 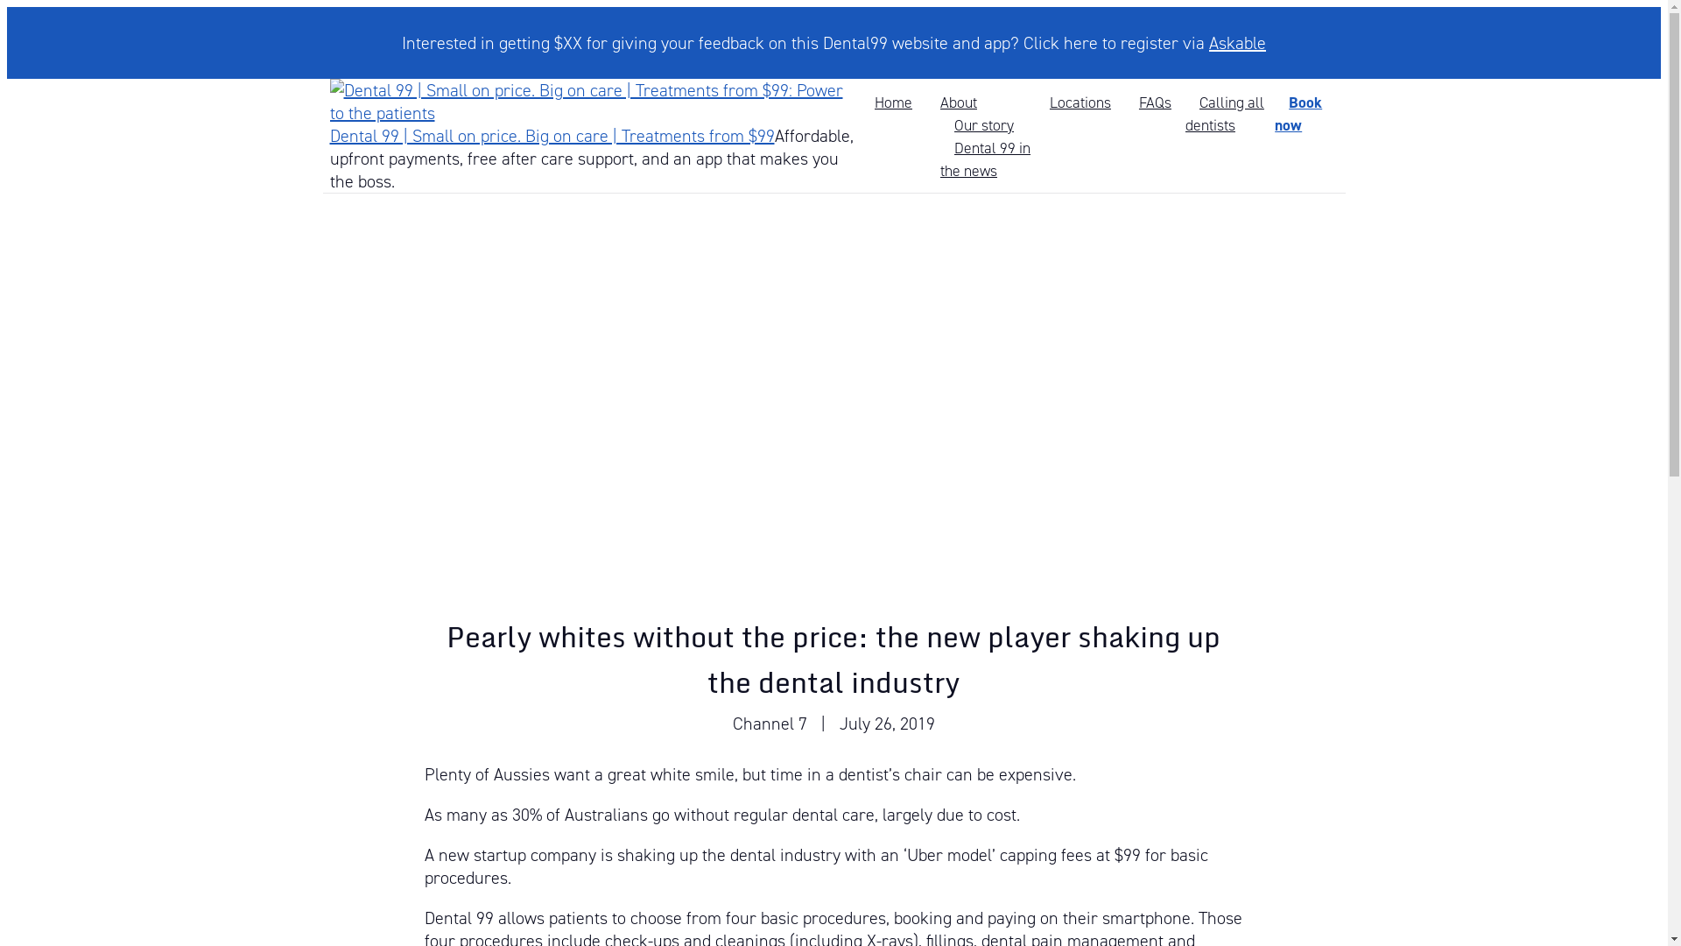 I want to click on 'Calling all dentists', so click(x=1223, y=114).